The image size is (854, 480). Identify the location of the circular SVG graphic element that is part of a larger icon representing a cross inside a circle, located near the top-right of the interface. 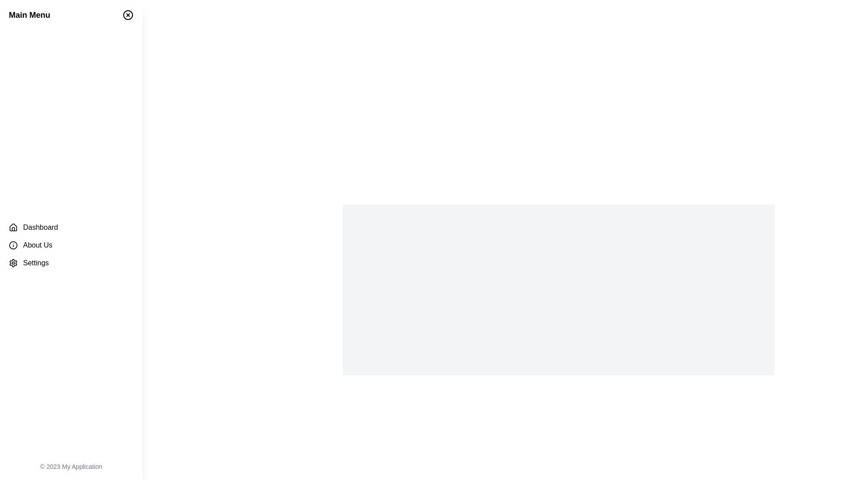
(128, 15).